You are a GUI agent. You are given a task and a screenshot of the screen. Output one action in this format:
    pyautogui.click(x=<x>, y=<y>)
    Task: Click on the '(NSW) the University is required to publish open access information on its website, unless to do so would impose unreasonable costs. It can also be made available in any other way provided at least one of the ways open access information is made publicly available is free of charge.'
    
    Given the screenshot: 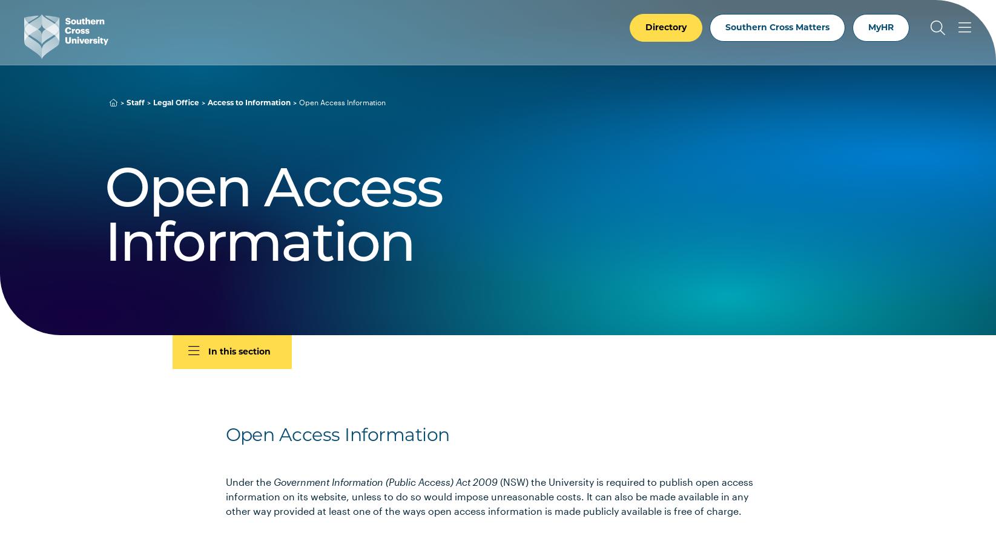 What is the action you would take?
    pyautogui.click(x=489, y=495)
    